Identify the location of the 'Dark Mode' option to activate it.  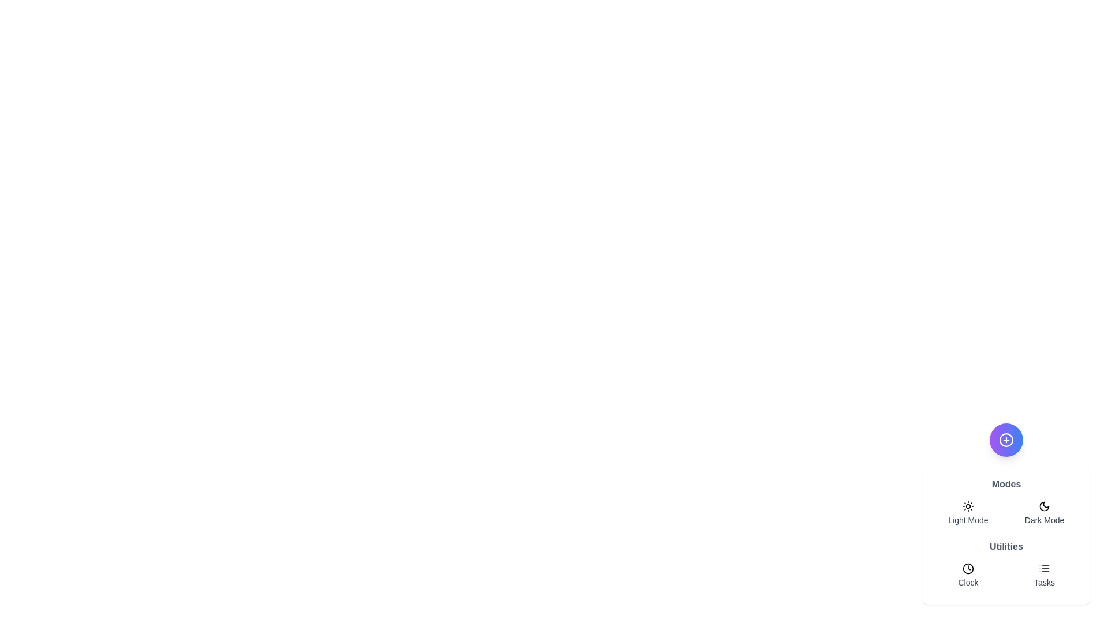
(1044, 513).